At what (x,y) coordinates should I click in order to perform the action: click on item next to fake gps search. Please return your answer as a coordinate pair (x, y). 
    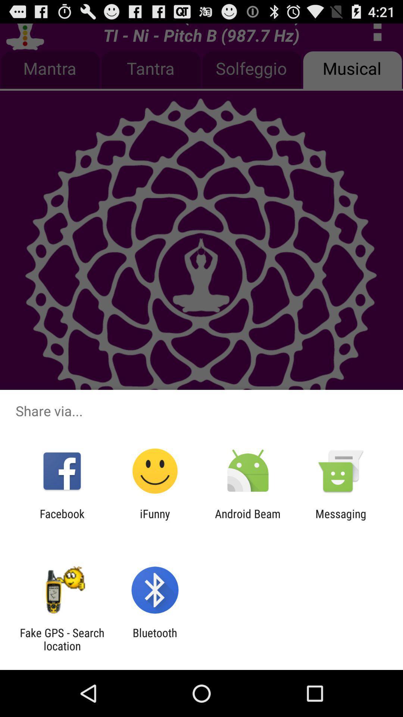
    Looking at the image, I should click on (154, 639).